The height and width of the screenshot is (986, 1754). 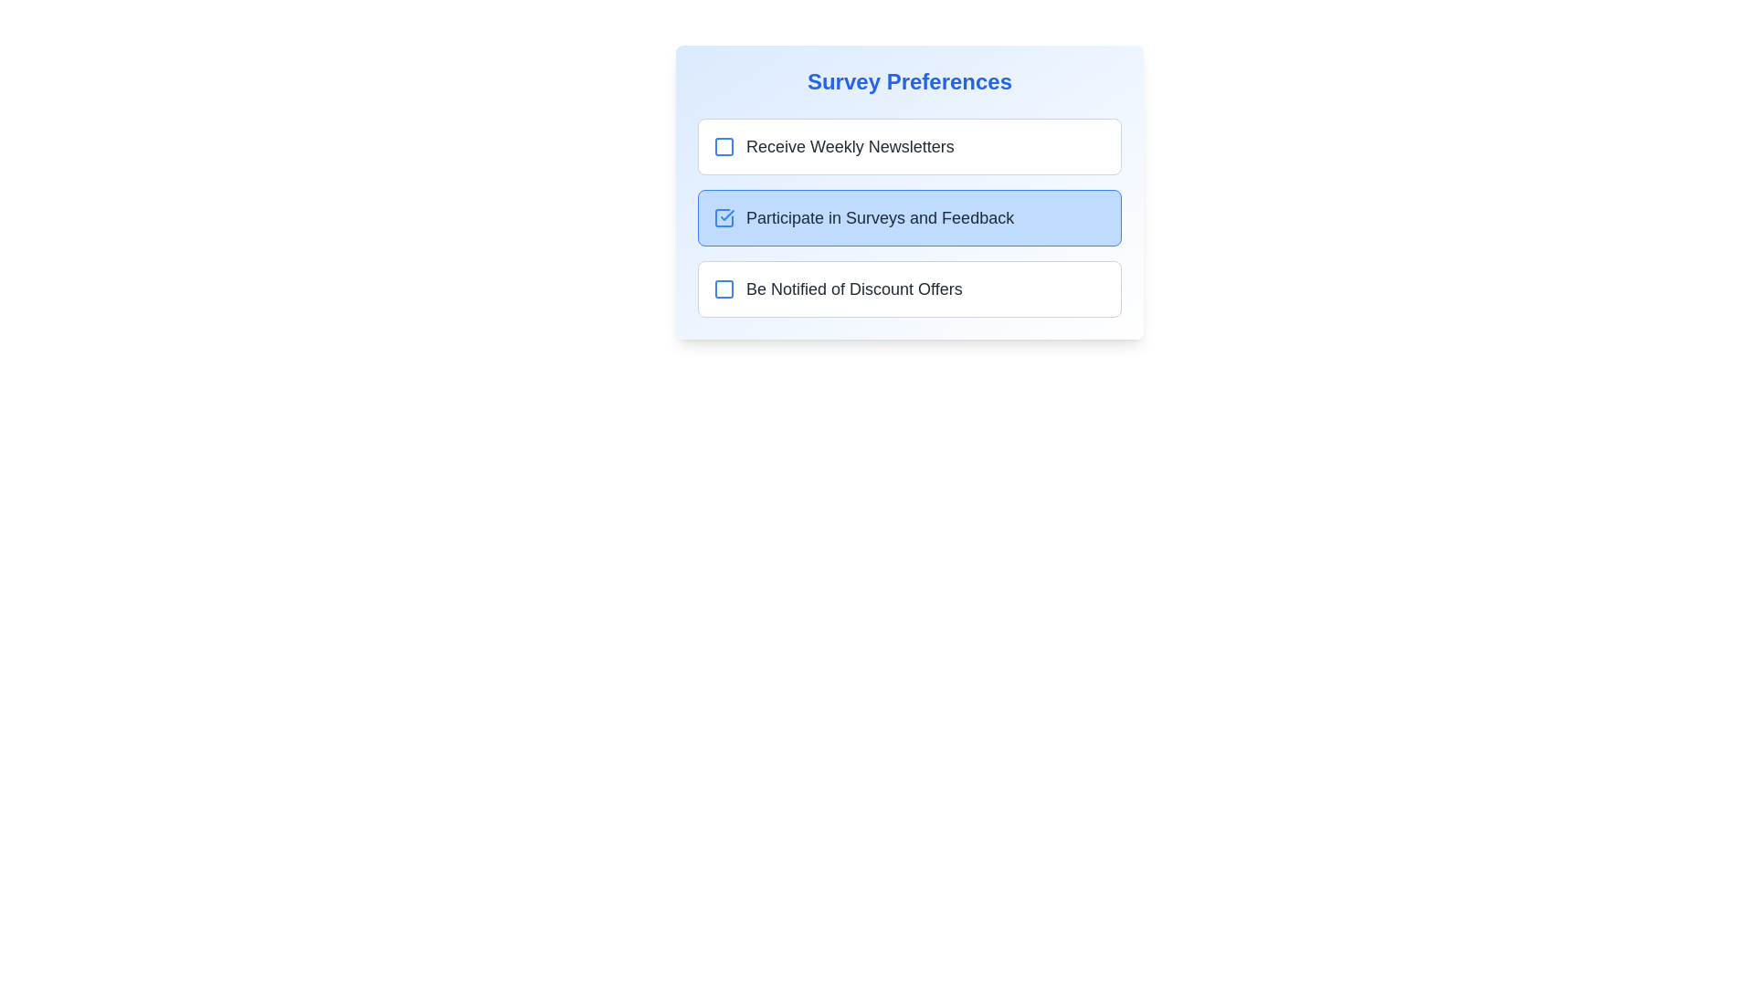 What do you see at coordinates (723, 288) in the screenshot?
I see `the empty blue-outlined checkbox located` at bounding box center [723, 288].